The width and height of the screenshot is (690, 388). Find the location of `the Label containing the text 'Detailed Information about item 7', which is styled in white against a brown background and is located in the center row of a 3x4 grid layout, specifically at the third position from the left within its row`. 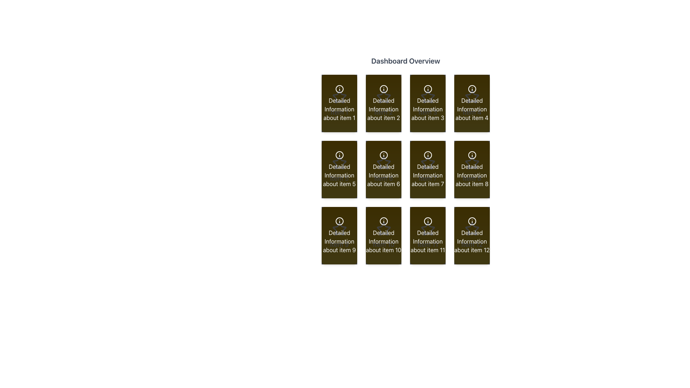

the Label containing the text 'Detailed Information about item 7', which is styled in white against a brown background and is located in the center row of a 3x4 grid layout, specifically at the third position from the left within its row is located at coordinates (428, 175).